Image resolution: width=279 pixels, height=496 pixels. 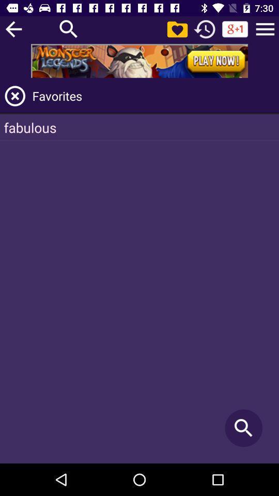 I want to click on the arrow_backward icon, so click(x=13, y=28).